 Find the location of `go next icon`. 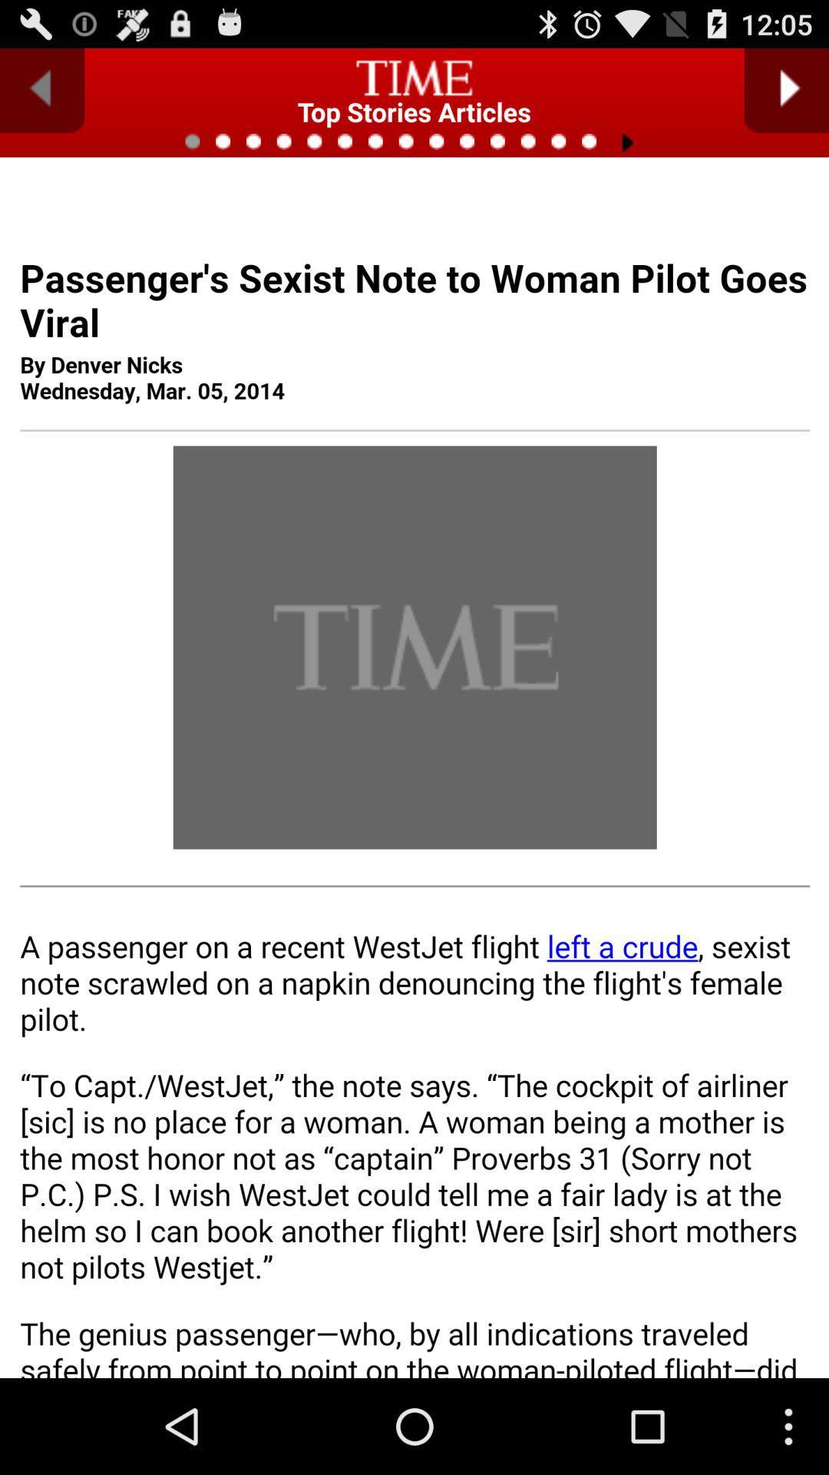

go next icon is located at coordinates (786, 90).